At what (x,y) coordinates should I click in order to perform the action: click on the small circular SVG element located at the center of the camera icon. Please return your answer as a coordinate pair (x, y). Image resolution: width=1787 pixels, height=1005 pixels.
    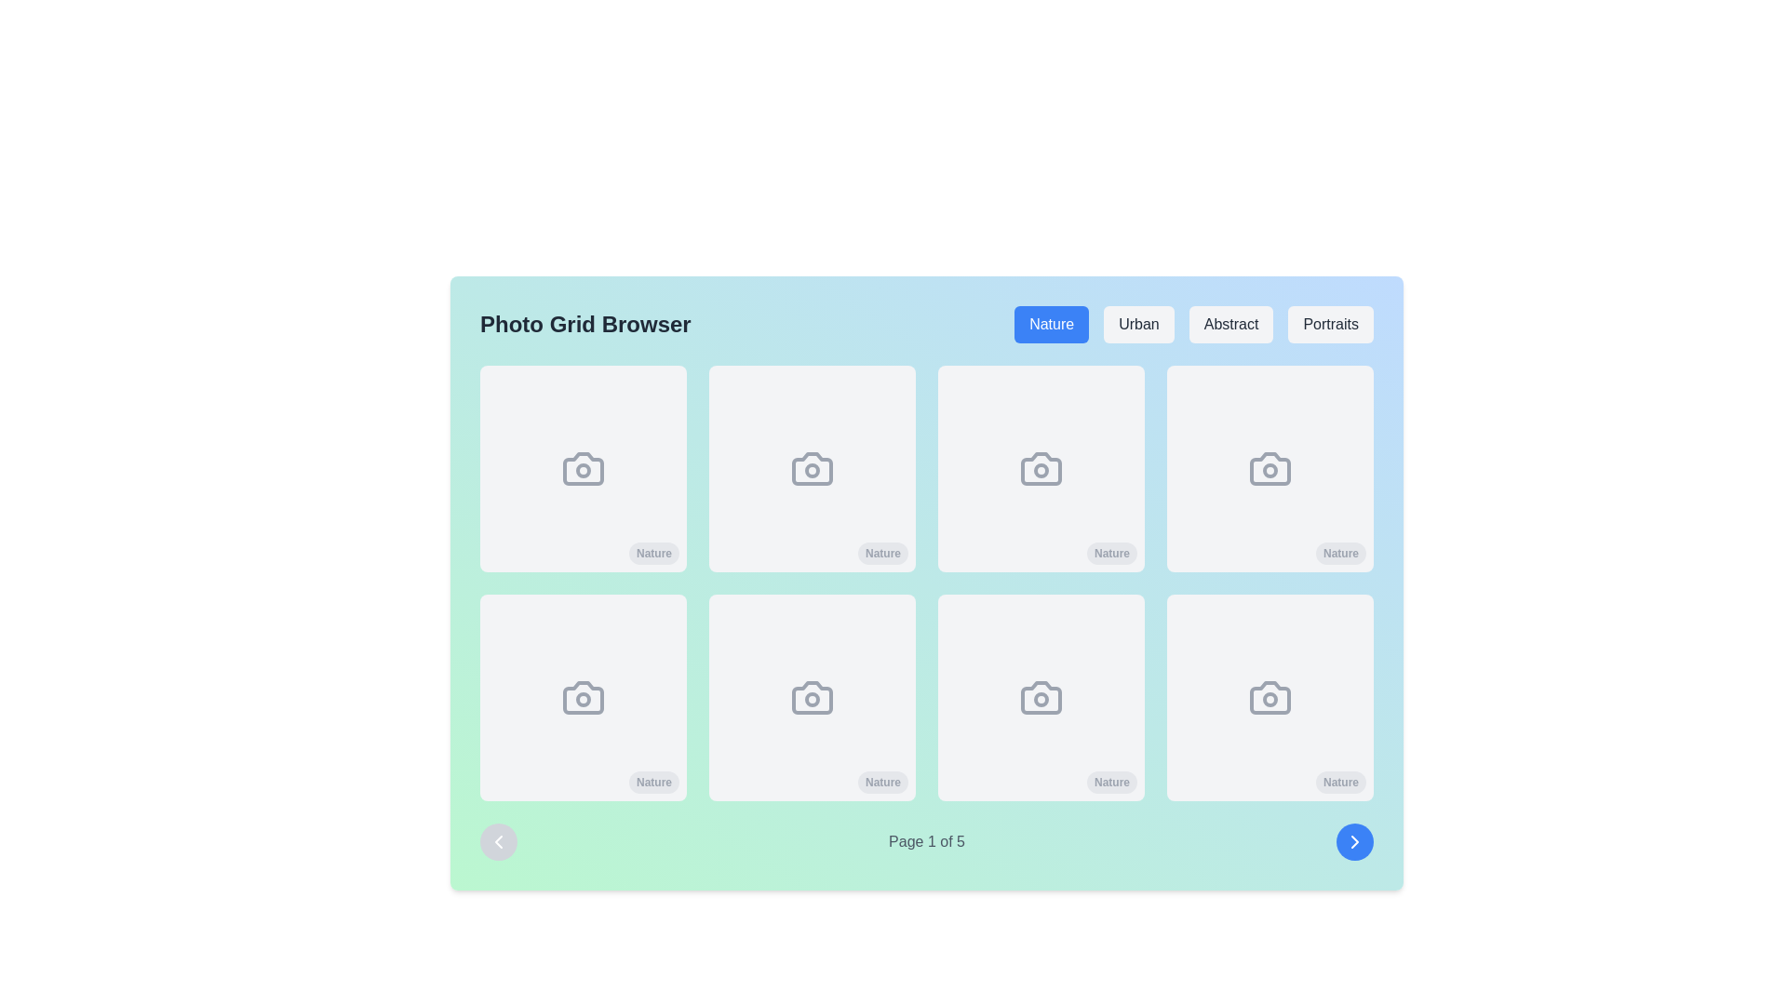
    Looking at the image, I should click on (1269, 700).